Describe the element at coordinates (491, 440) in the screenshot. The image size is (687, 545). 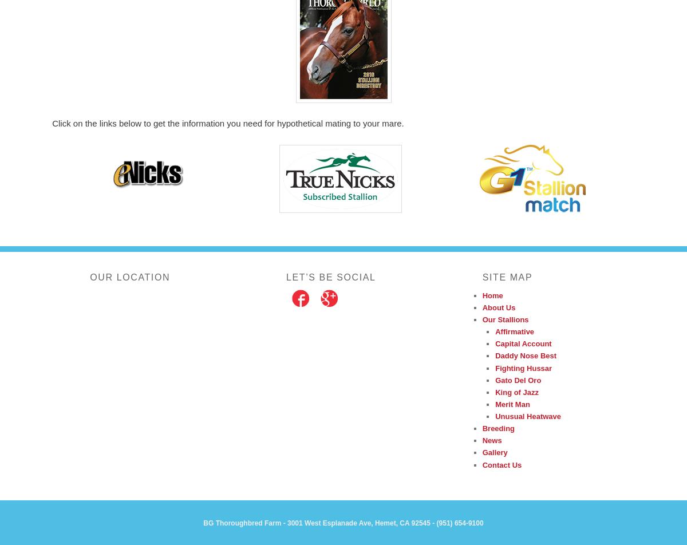
I see `'News'` at that location.